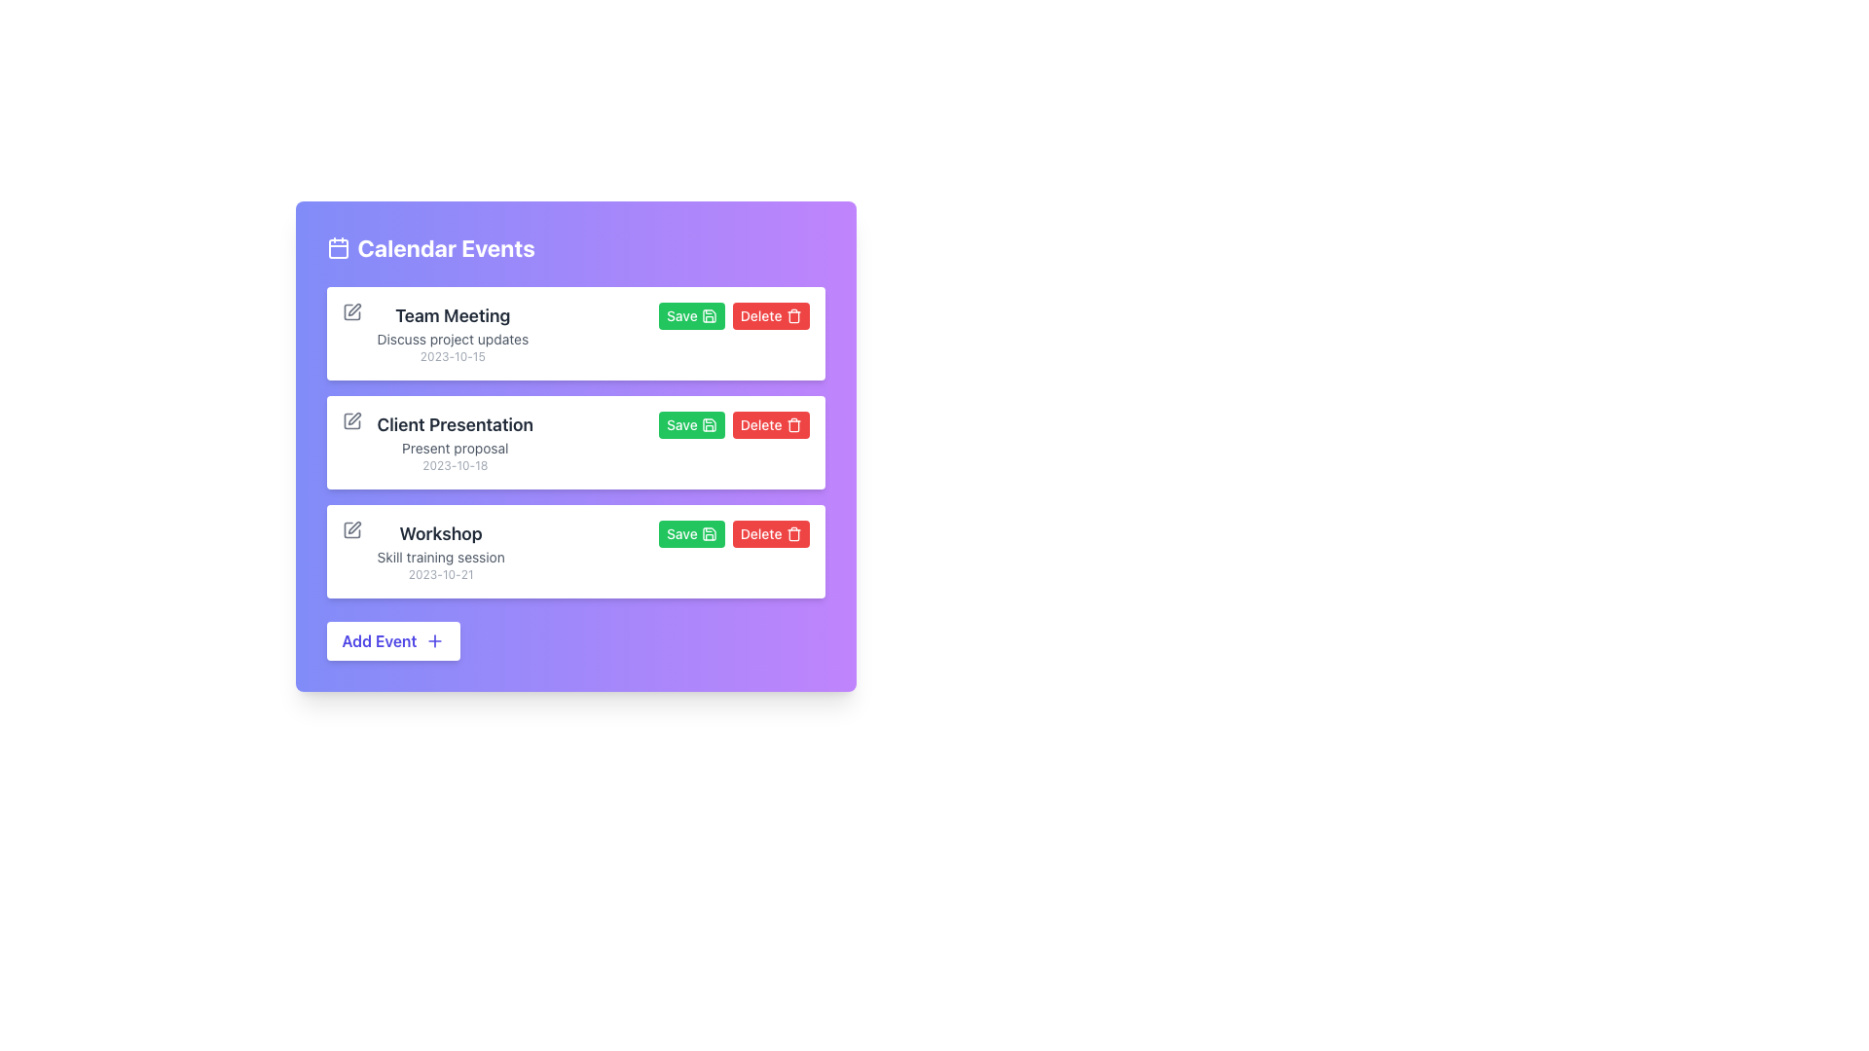  Describe the element at coordinates (708, 423) in the screenshot. I see `the save icon represented by a stylized outline of a floppy disk located inside the green 'Save' button in the second row of the event list` at that location.